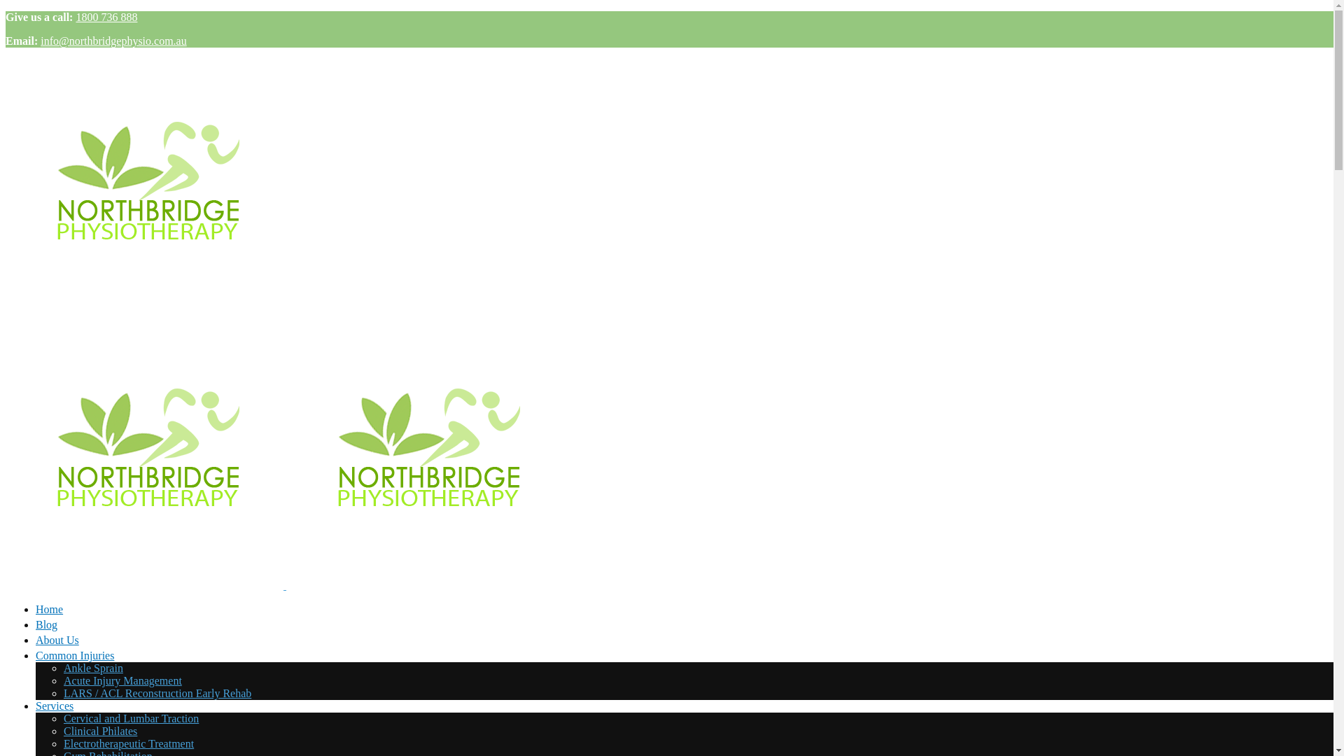 The image size is (1344, 756). What do you see at coordinates (92, 667) in the screenshot?
I see `'Ankle Sprain'` at bounding box center [92, 667].